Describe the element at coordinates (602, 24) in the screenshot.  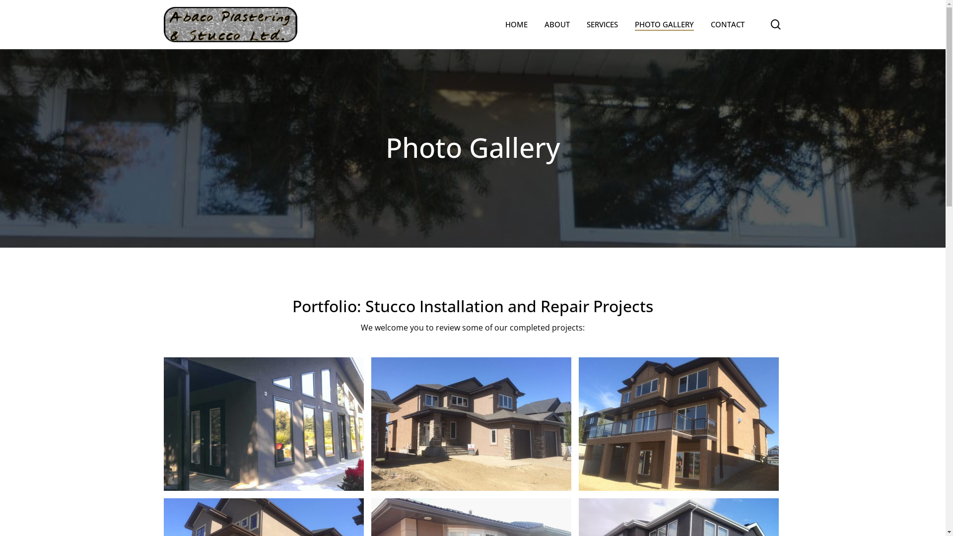
I see `'SERVICES'` at that location.